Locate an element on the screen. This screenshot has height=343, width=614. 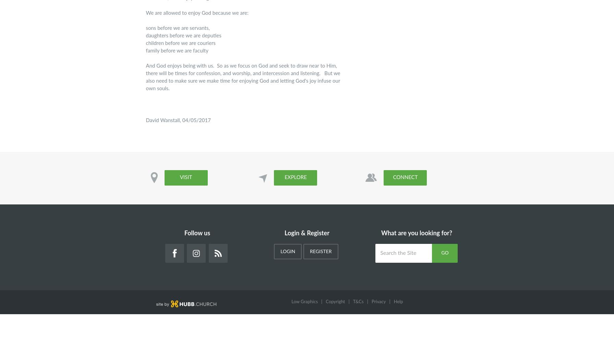
'sons before we are servants,' is located at coordinates (146, 28).